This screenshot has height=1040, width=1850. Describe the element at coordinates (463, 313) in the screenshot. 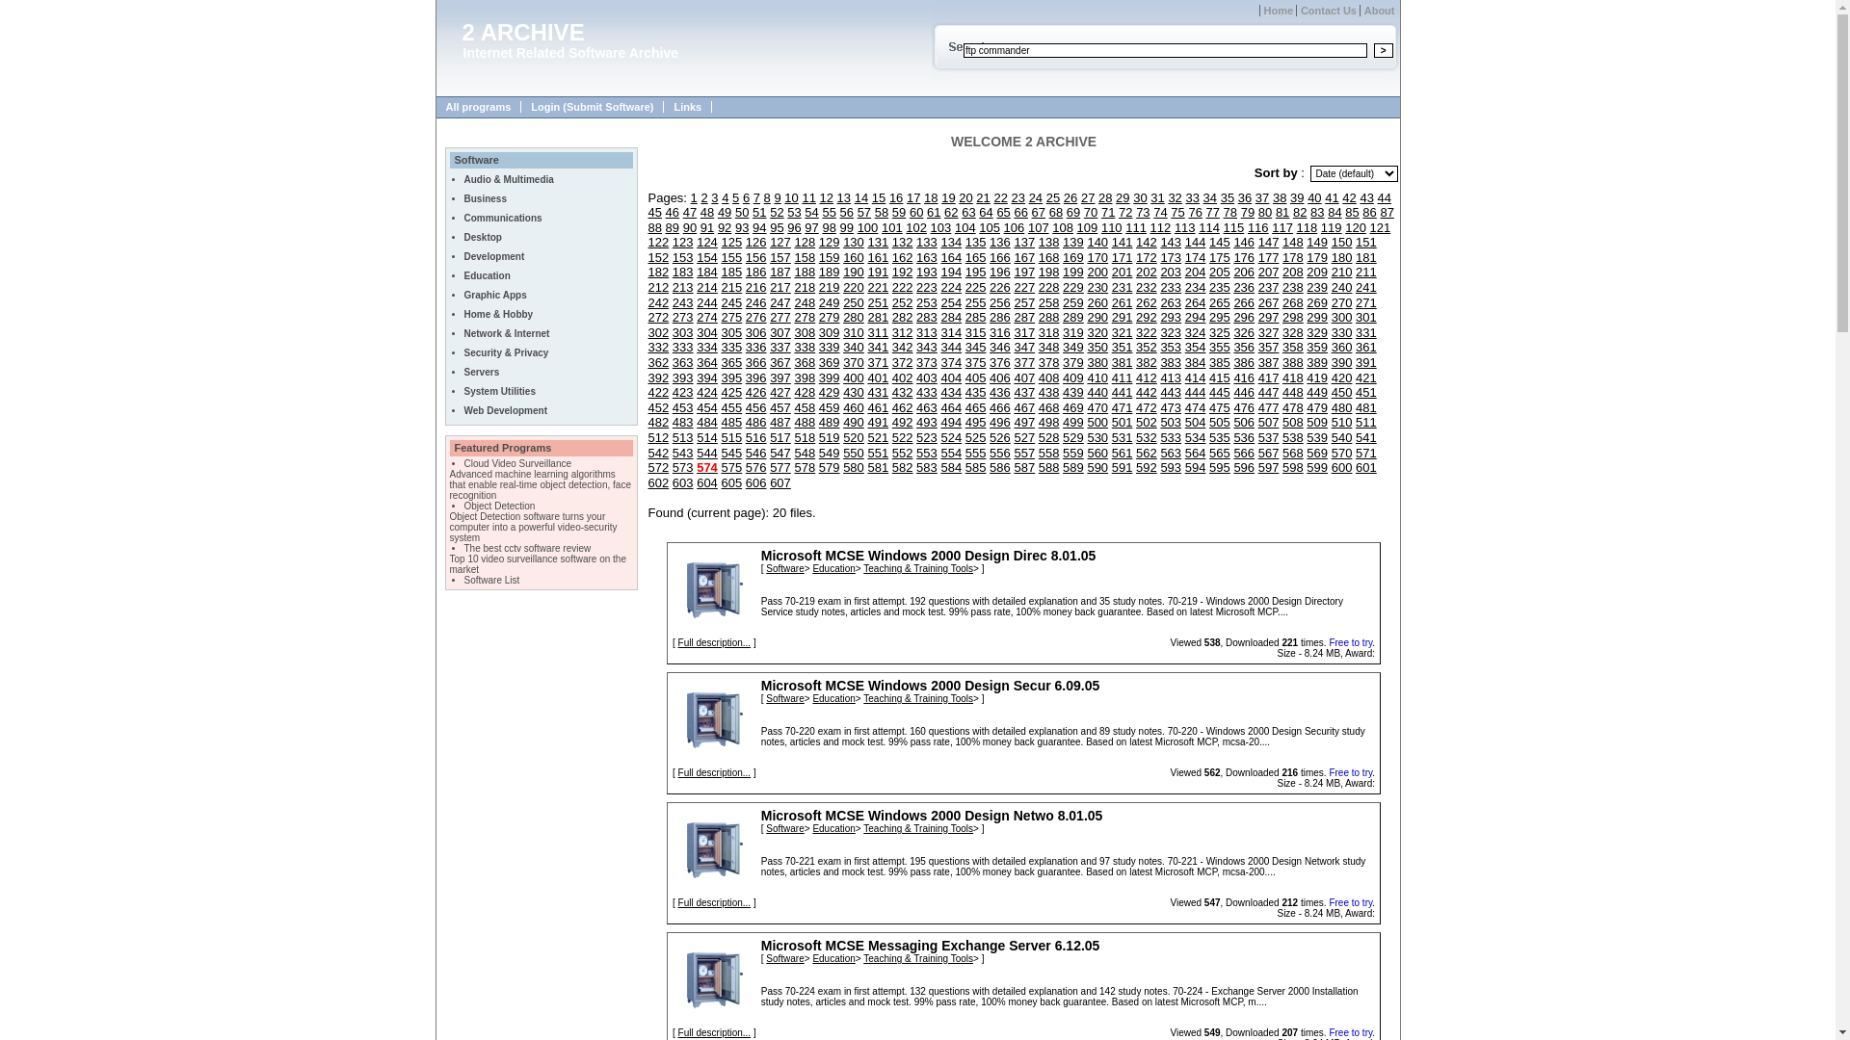

I see `'Home & Hobby'` at that location.